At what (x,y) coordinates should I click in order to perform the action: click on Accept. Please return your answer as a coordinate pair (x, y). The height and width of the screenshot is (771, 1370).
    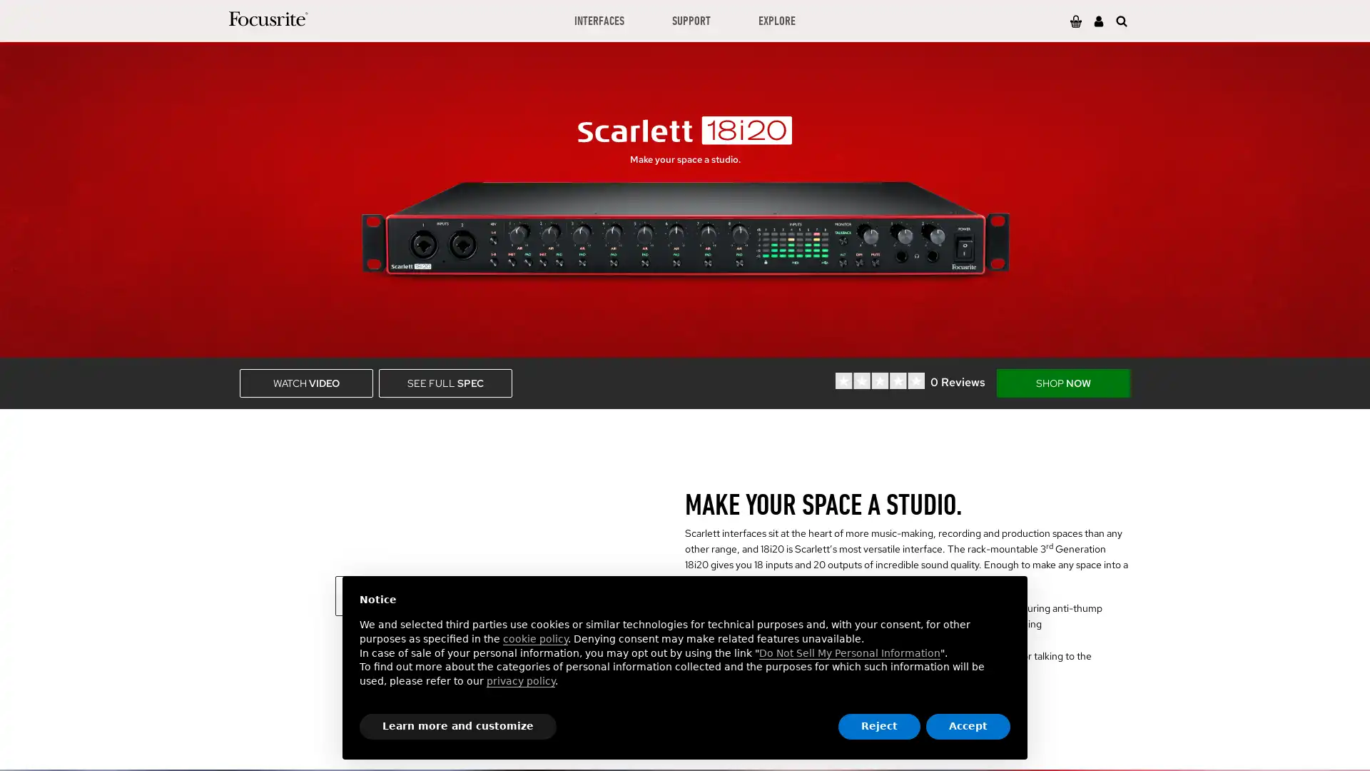
    Looking at the image, I should click on (968, 727).